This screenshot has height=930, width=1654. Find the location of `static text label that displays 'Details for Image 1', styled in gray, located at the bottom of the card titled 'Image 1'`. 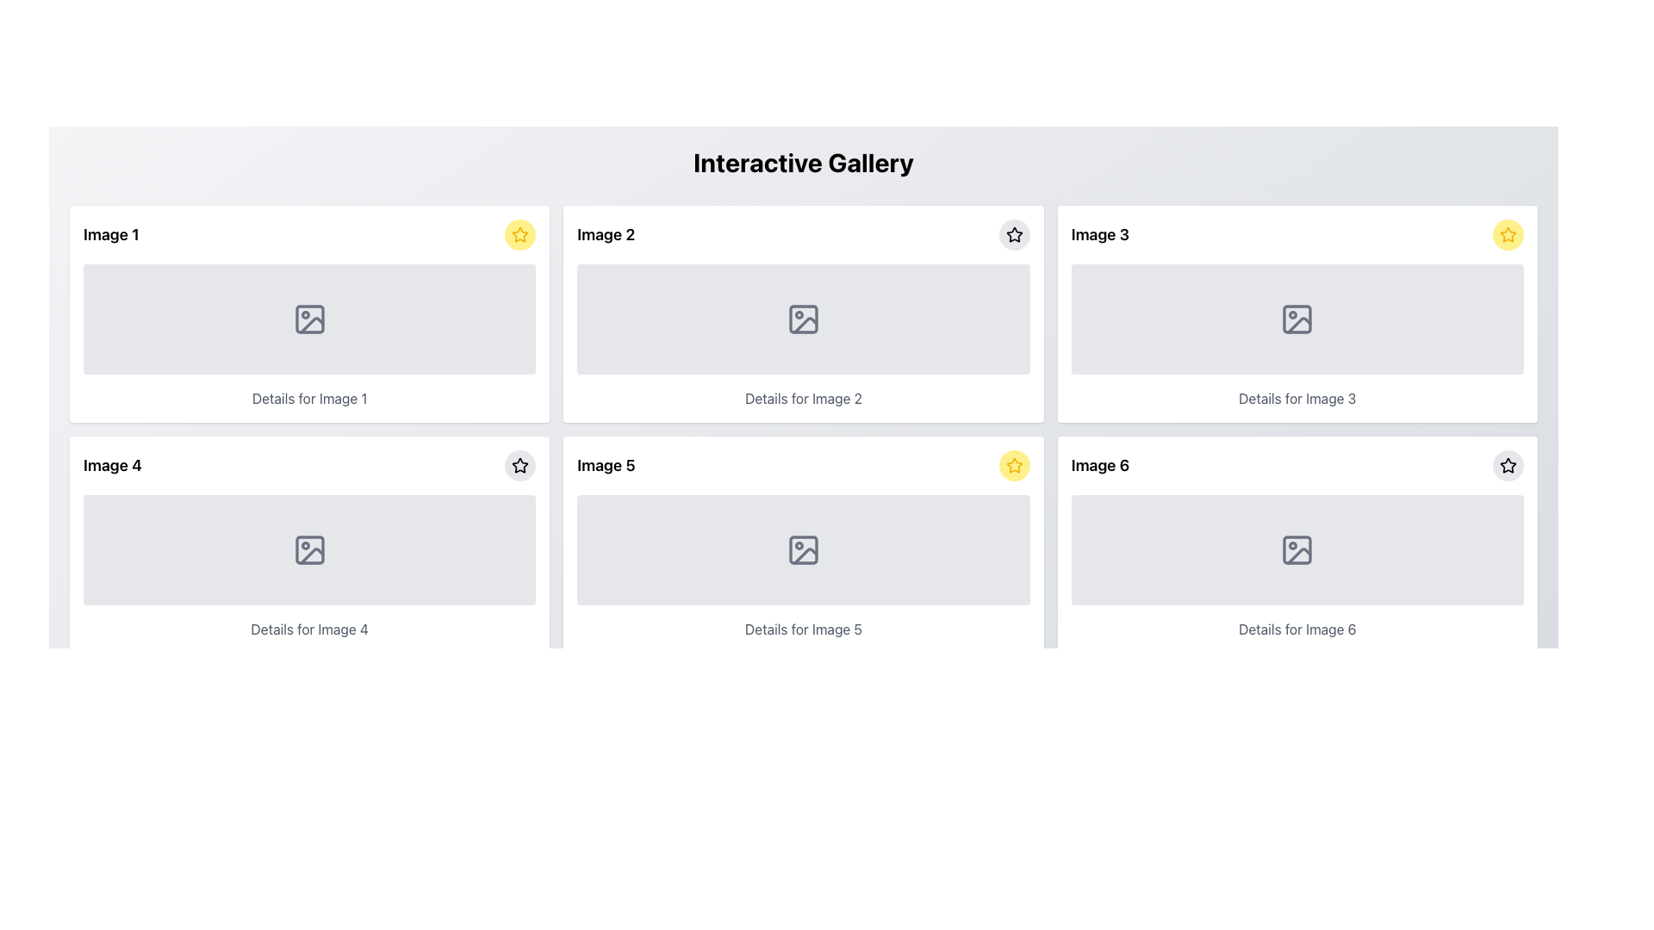

static text label that displays 'Details for Image 1', styled in gray, located at the bottom of the card titled 'Image 1' is located at coordinates (309, 398).